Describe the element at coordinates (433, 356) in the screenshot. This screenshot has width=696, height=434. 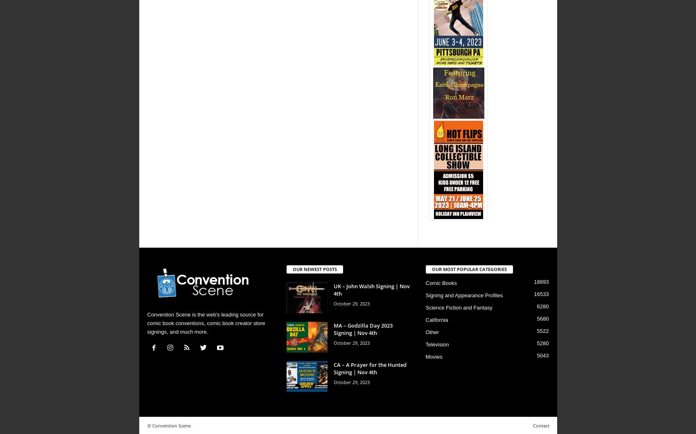
I see `'Movies'` at that location.